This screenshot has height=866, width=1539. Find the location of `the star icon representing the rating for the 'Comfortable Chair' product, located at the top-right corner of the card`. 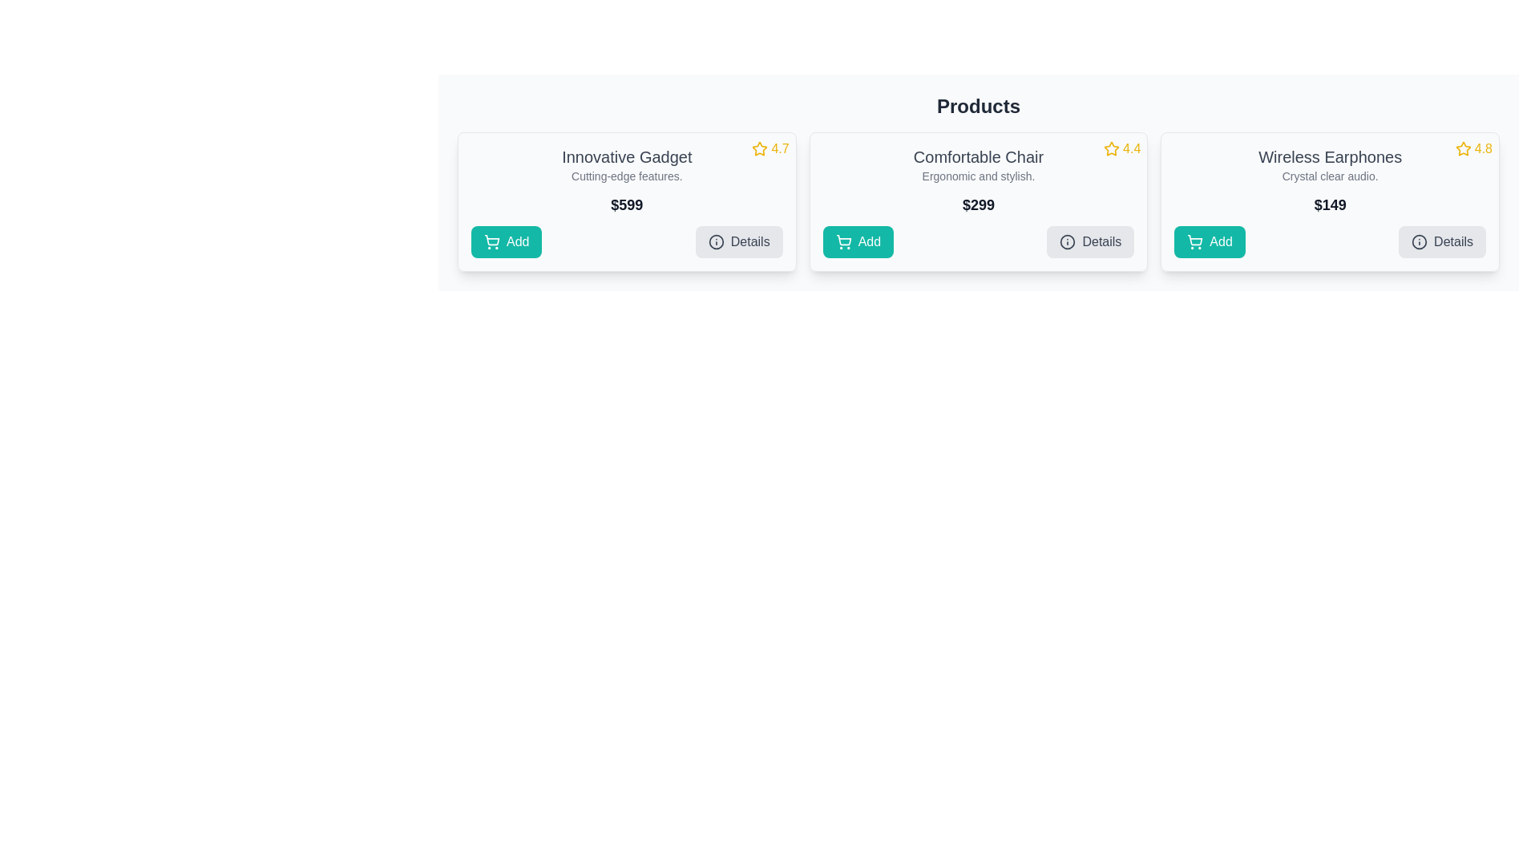

the star icon representing the rating for the 'Comfortable Chair' product, located at the top-right corner of the card is located at coordinates (1111, 148).